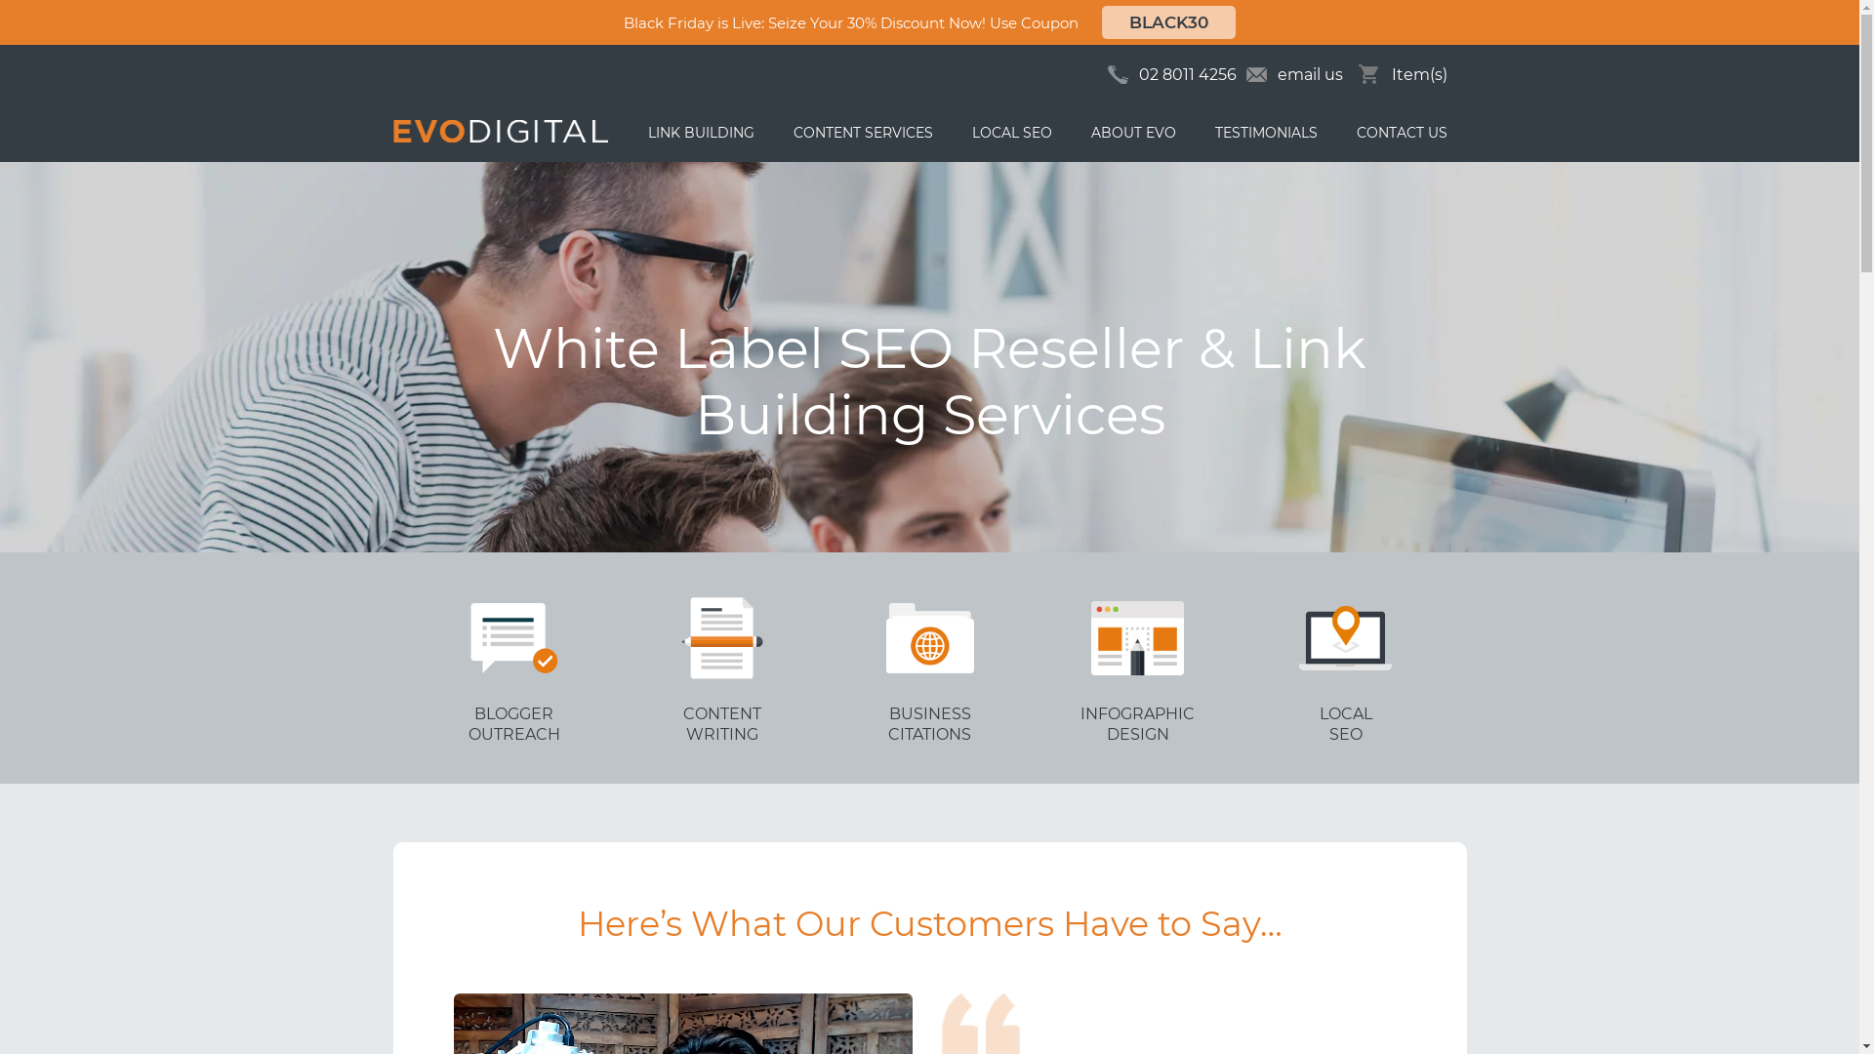 The image size is (1874, 1054). Describe the element at coordinates (1185, 73) in the screenshot. I see `'02 8011 4256'` at that location.